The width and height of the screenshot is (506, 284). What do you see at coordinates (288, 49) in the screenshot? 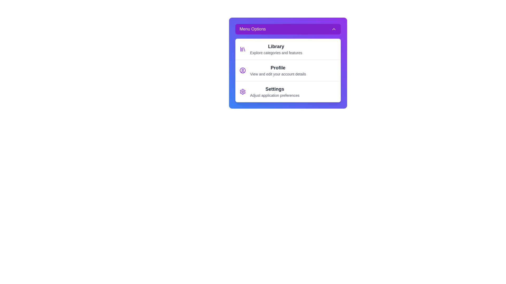
I see `on the 'Library' menu item, which is the first item in the vertical list of menu options, located below 'Menu Options' and above 'Profile'` at bounding box center [288, 49].